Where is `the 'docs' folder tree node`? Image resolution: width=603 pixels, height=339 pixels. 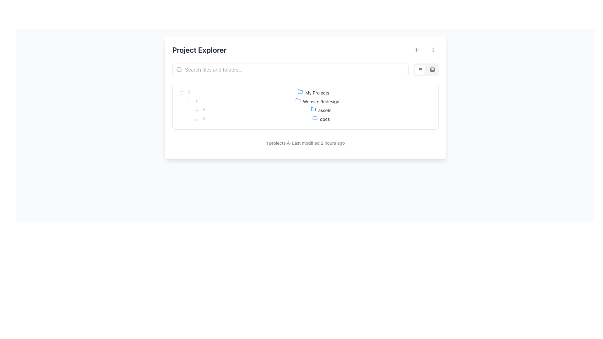
the 'docs' folder tree node is located at coordinates (321, 119).